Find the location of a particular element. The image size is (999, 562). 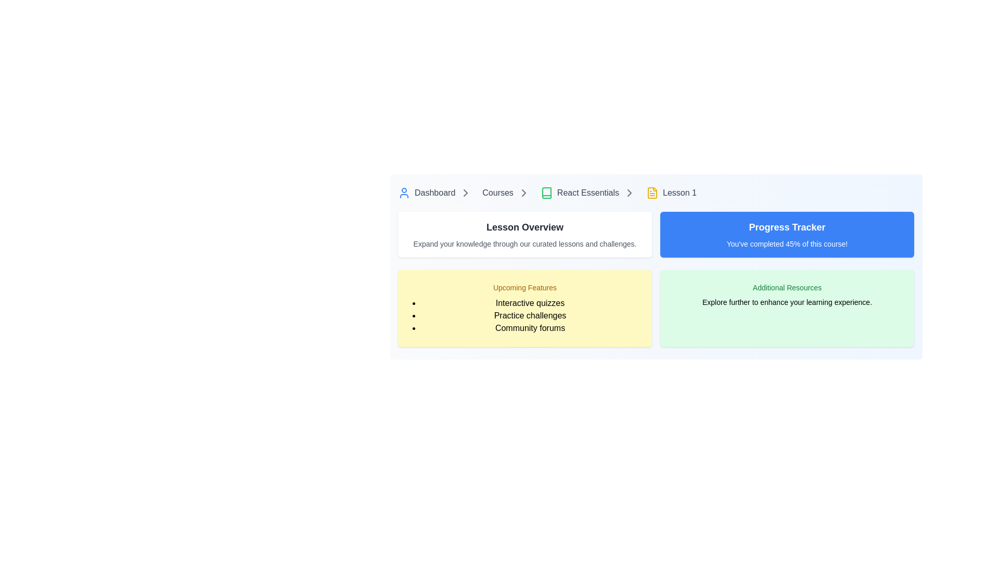

the SVG Icon that serves as a visual indicator for navigation in the breadcrumb interface, located between 'Dashboard' and 'Courses' is located at coordinates (465, 193).